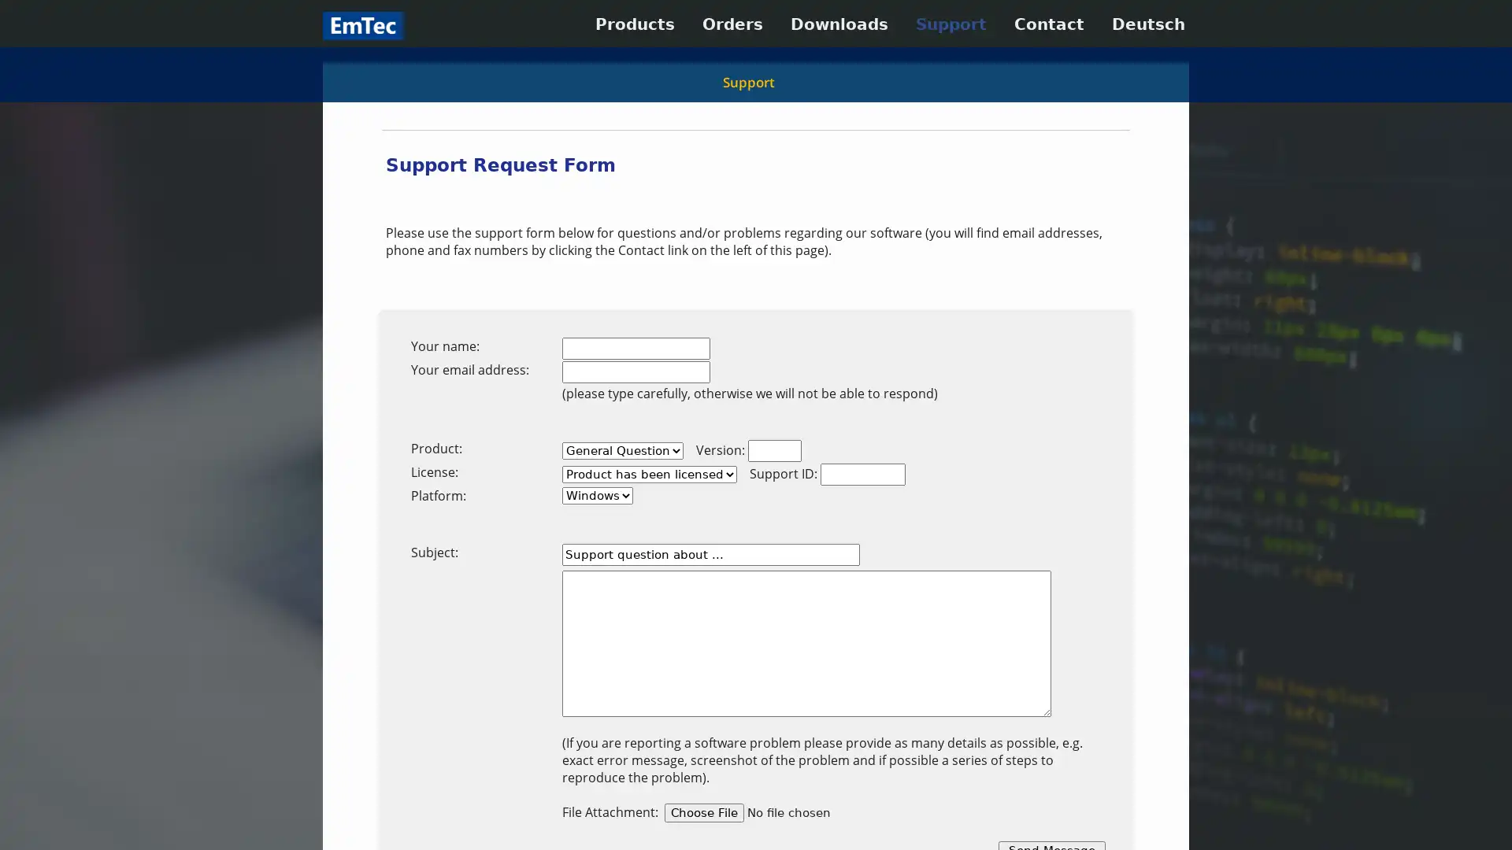 This screenshot has height=850, width=1512. Describe the element at coordinates (703, 813) in the screenshot. I see `Choose File` at that location.